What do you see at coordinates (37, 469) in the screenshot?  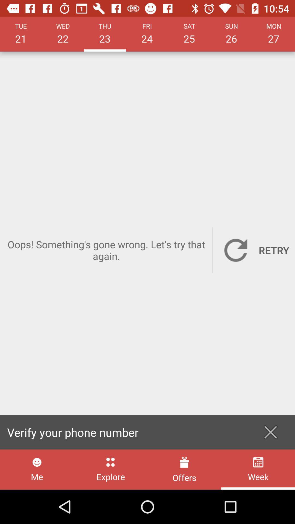 I see `item to the left of explore item` at bounding box center [37, 469].